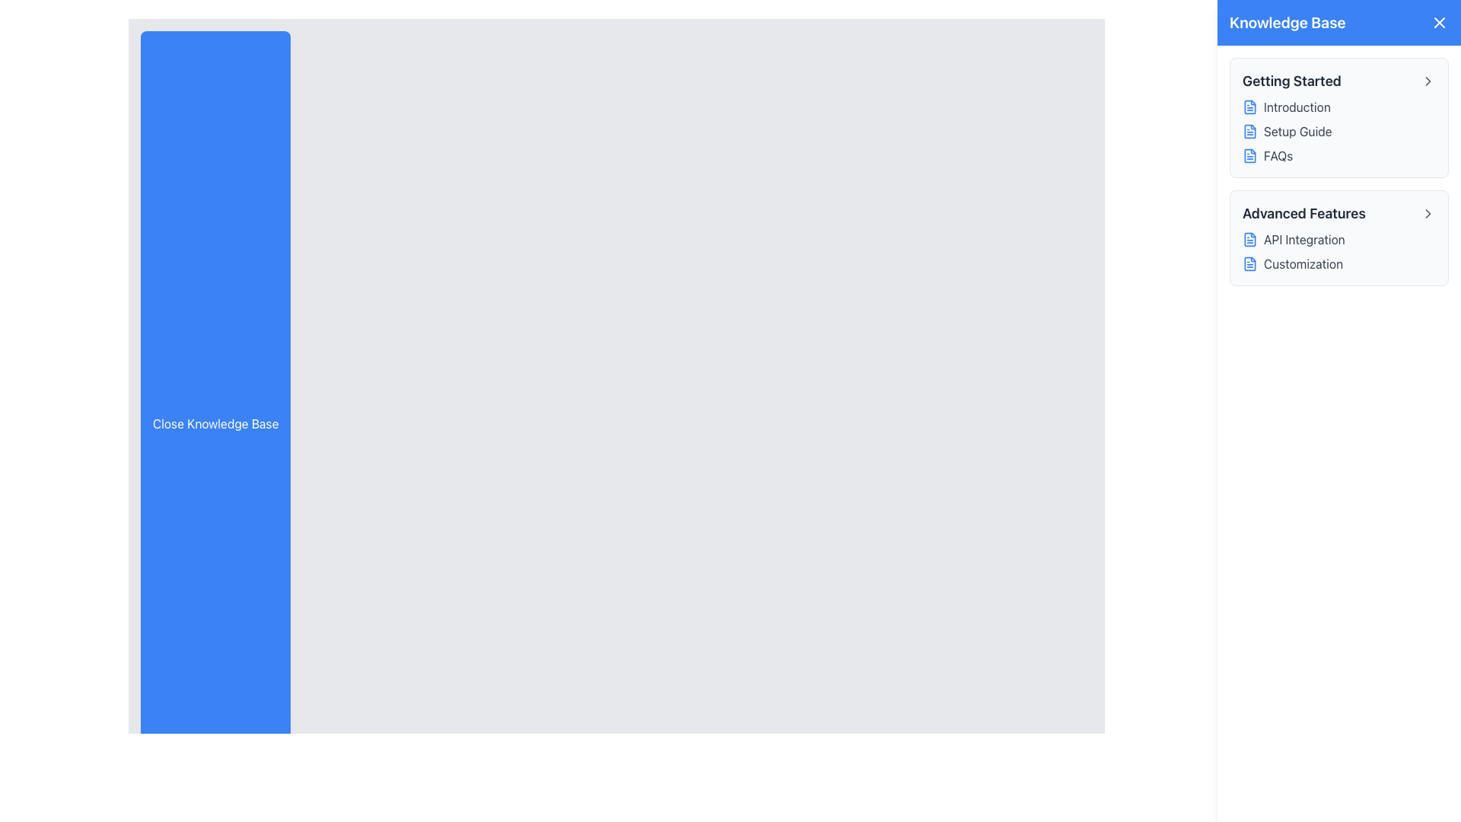  What do you see at coordinates (1339, 240) in the screenshot?
I see `the 'API Integration' label with a blue file icon located in the 'Advanced Features' section of the right panel` at bounding box center [1339, 240].